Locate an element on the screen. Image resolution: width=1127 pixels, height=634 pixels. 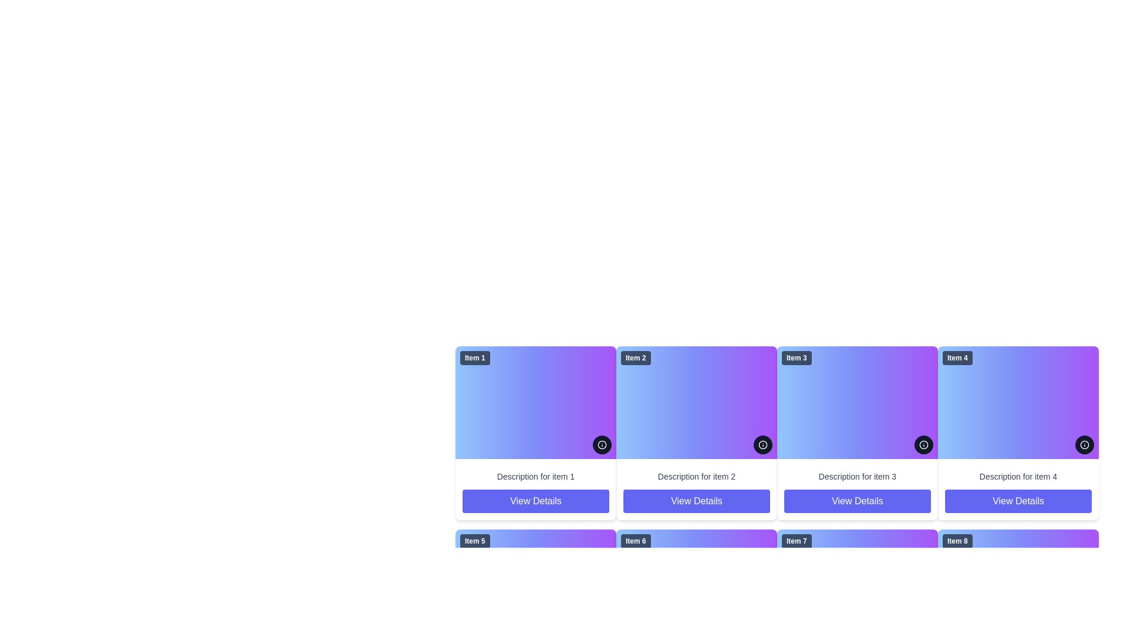
the 'View Details' button, which is a rectangular button with a blue background and white text, located in the first card of the top row beneath the text 'Description for item 1' is located at coordinates (535, 501).